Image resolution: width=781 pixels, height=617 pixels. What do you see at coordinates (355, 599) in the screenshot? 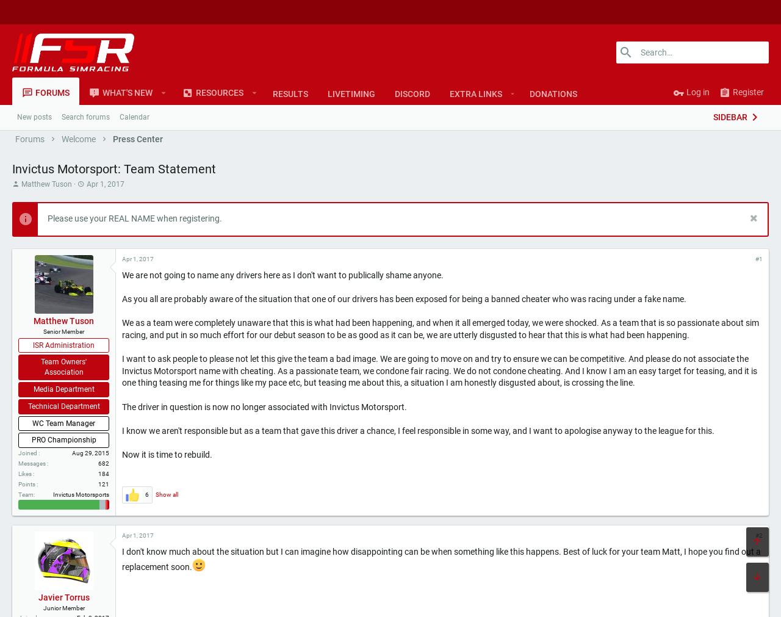
I see `'I don't know much about the situation but I can imagine how disappointing can be when something like this happens. Best of luck for your team Matt, I hope you find out a replacement soon.'` at bounding box center [355, 599].